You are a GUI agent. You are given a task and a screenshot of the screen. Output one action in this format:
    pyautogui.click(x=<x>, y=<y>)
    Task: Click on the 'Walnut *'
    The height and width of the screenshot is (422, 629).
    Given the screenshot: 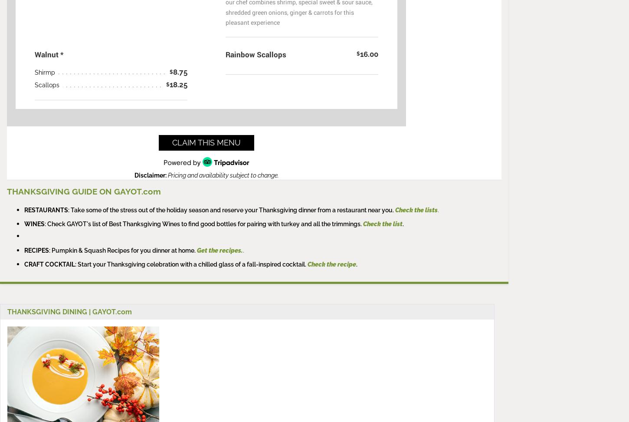 What is the action you would take?
    pyautogui.click(x=49, y=54)
    